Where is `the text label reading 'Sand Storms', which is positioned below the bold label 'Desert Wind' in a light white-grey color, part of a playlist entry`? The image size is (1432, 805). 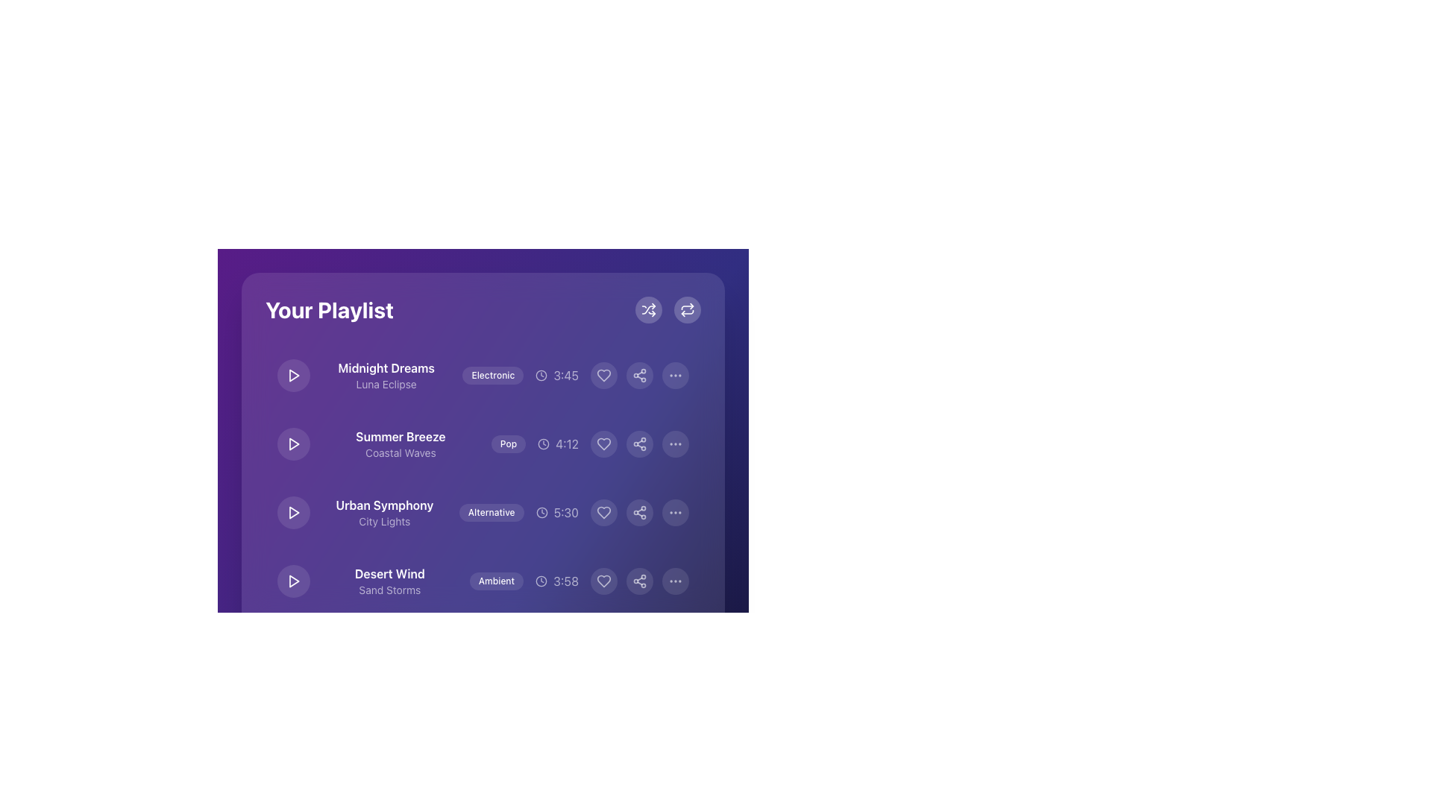 the text label reading 'Sand Storms', which is positioned below the bold label 'Desert Wind' in a light white-grey color, part of a playlist entry is located at coordinates (389, 589).